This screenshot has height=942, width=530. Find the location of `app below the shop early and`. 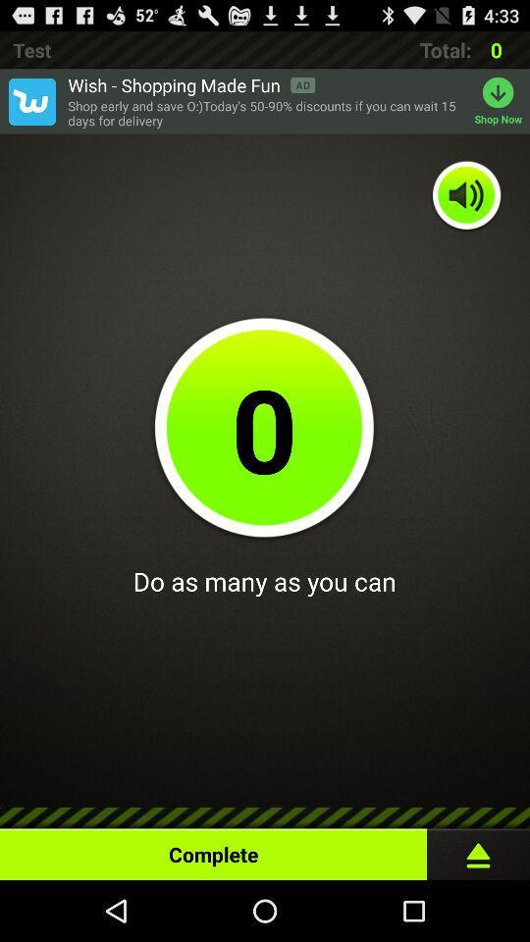

app below the shop early and is located at coordinates (466, 196).